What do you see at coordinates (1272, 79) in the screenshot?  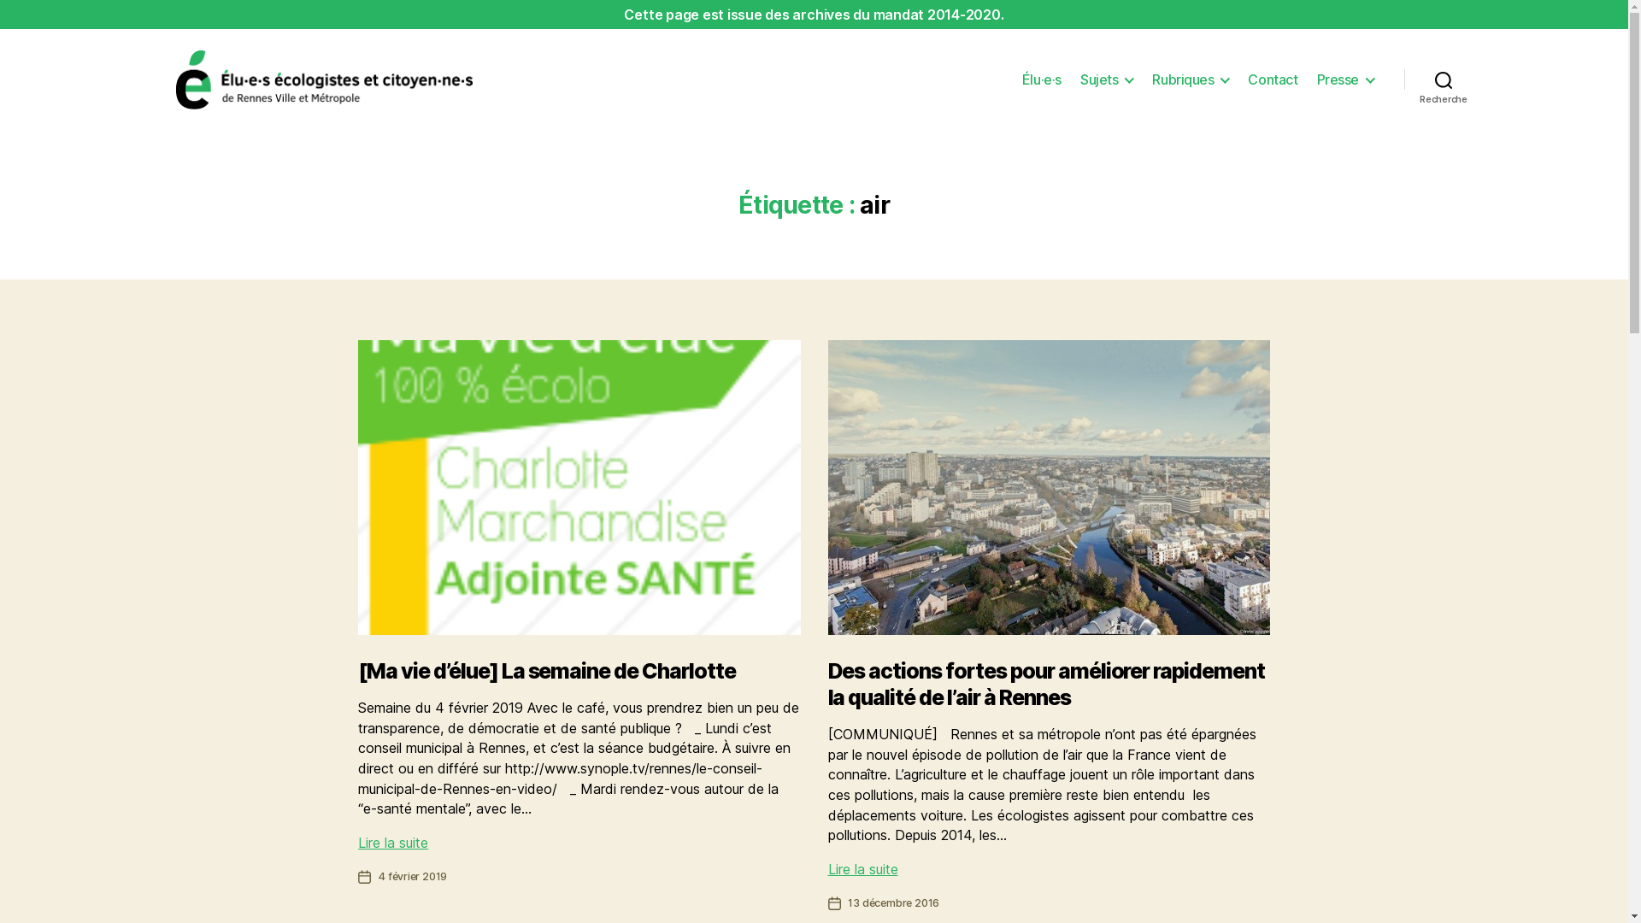 I see `'Contact'` at bounding box center [1272, 79].